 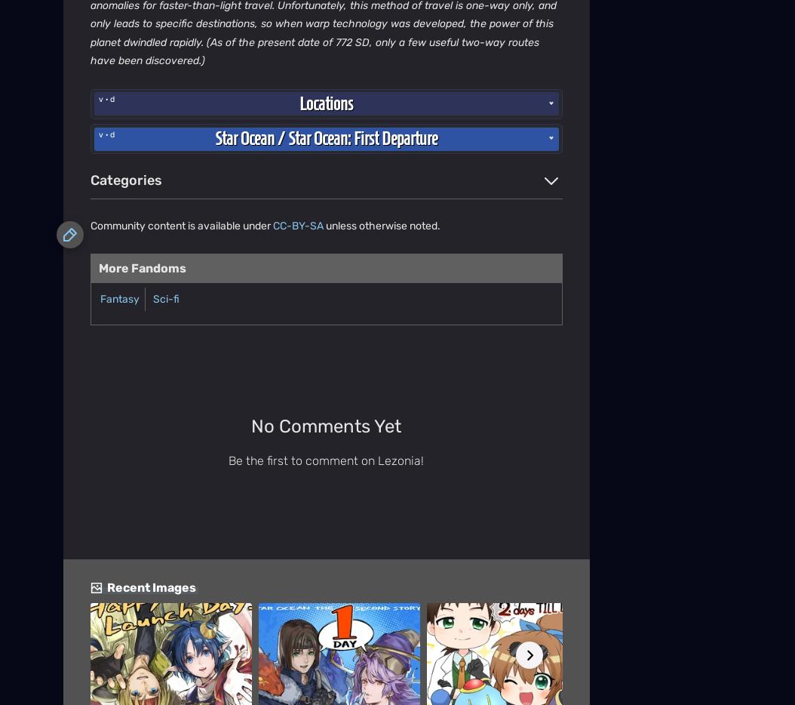 I want to click on 'Media Kit', so click(x=84, y=207).